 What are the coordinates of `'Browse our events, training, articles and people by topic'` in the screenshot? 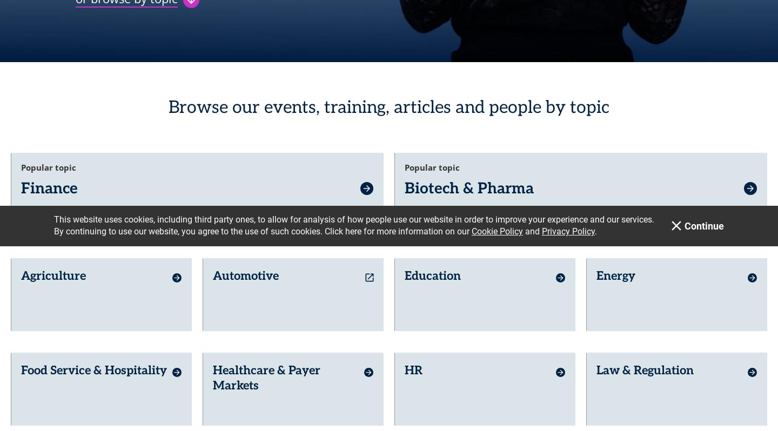 It's located at (168, 99).